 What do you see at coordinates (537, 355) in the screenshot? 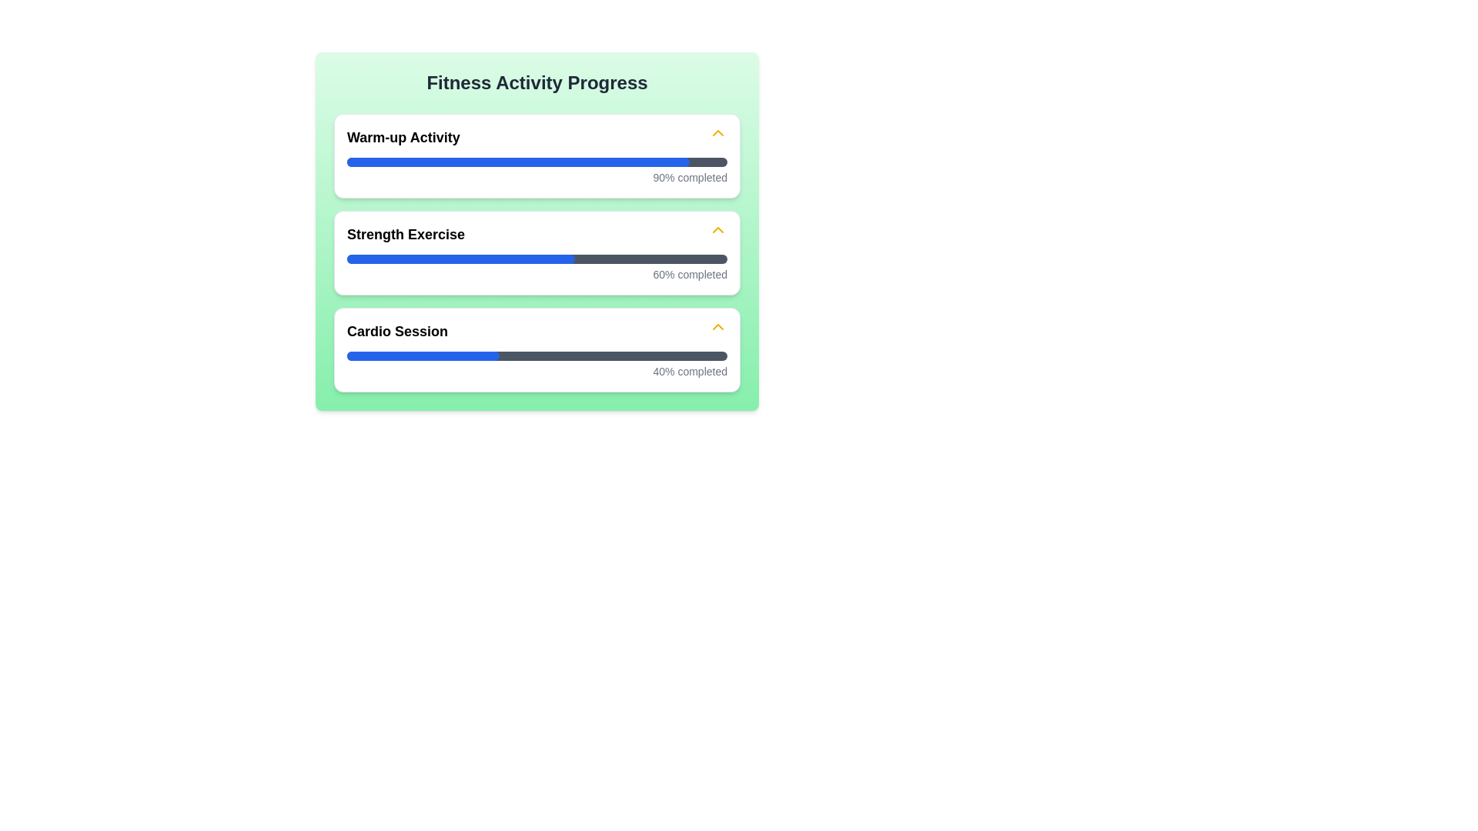
I see `the Progress Bar located in the 'Cardio Session' section, which indicates that the task is 40% complete` at bounding box center [537, 355].